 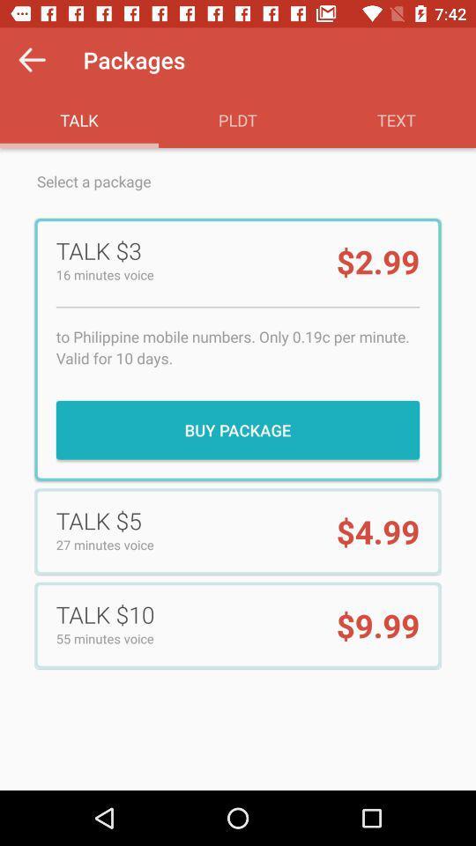 I want to click on the icon to the left of packages icon, so click(x=32, y=60).